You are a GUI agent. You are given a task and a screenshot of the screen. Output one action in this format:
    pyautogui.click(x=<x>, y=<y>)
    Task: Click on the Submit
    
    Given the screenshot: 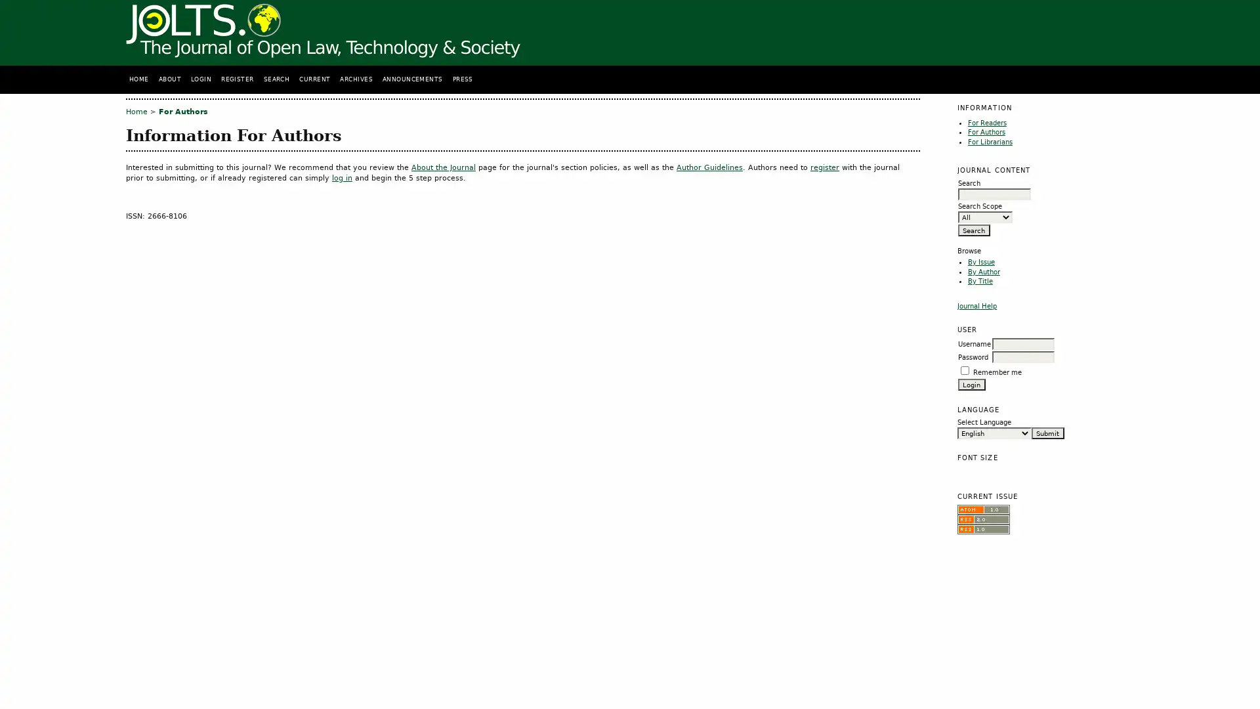 What is the action you would take?
    pyautogui.click(x=1047, y=433)
    